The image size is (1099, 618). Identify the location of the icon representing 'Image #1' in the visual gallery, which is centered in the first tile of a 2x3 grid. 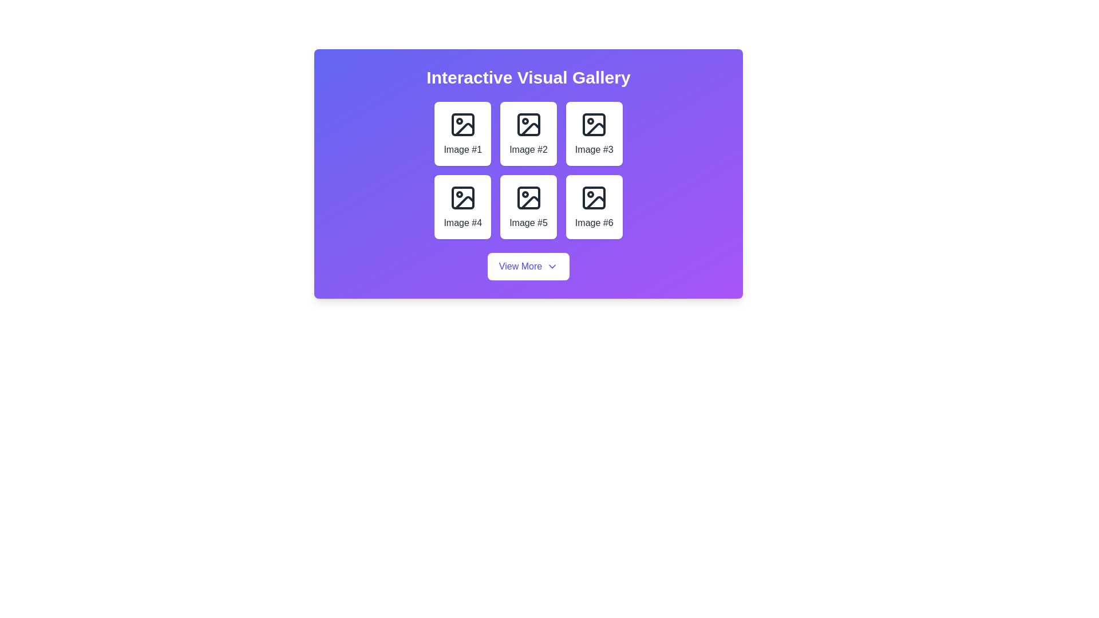
(462, 125).